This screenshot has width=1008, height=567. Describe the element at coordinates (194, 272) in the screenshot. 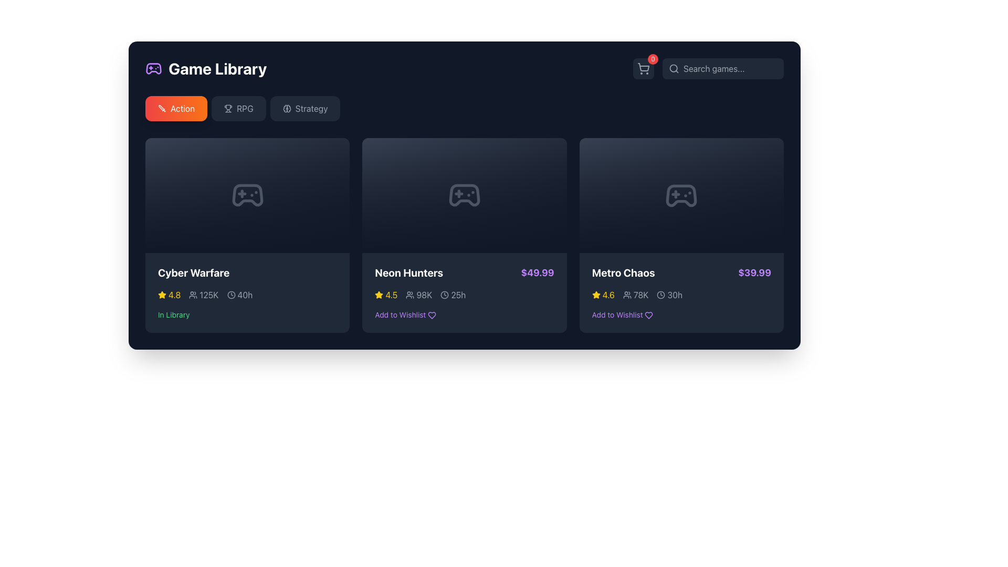

I see `the bold, white-colored text label displaying 'Cyber Warfare' at the top left corner of the first card in the game library interface` at that location.